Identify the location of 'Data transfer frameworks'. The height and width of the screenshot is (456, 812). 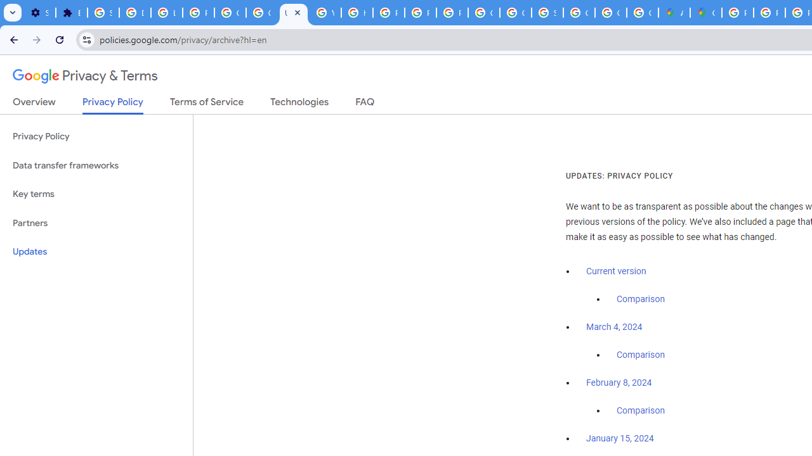
(96, 165).